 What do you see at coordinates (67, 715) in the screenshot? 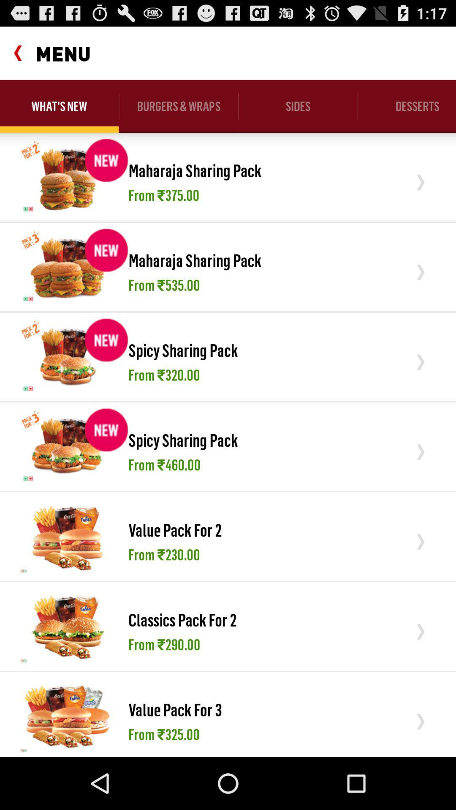
I see `item to the left of the value pack for` at bounding box center [67, 715].